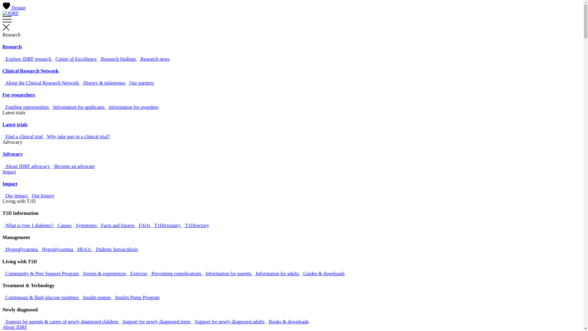  Describe the element at coordinates (166, 225) in the screenshot. I see `'T1Dictionary'` at that location.